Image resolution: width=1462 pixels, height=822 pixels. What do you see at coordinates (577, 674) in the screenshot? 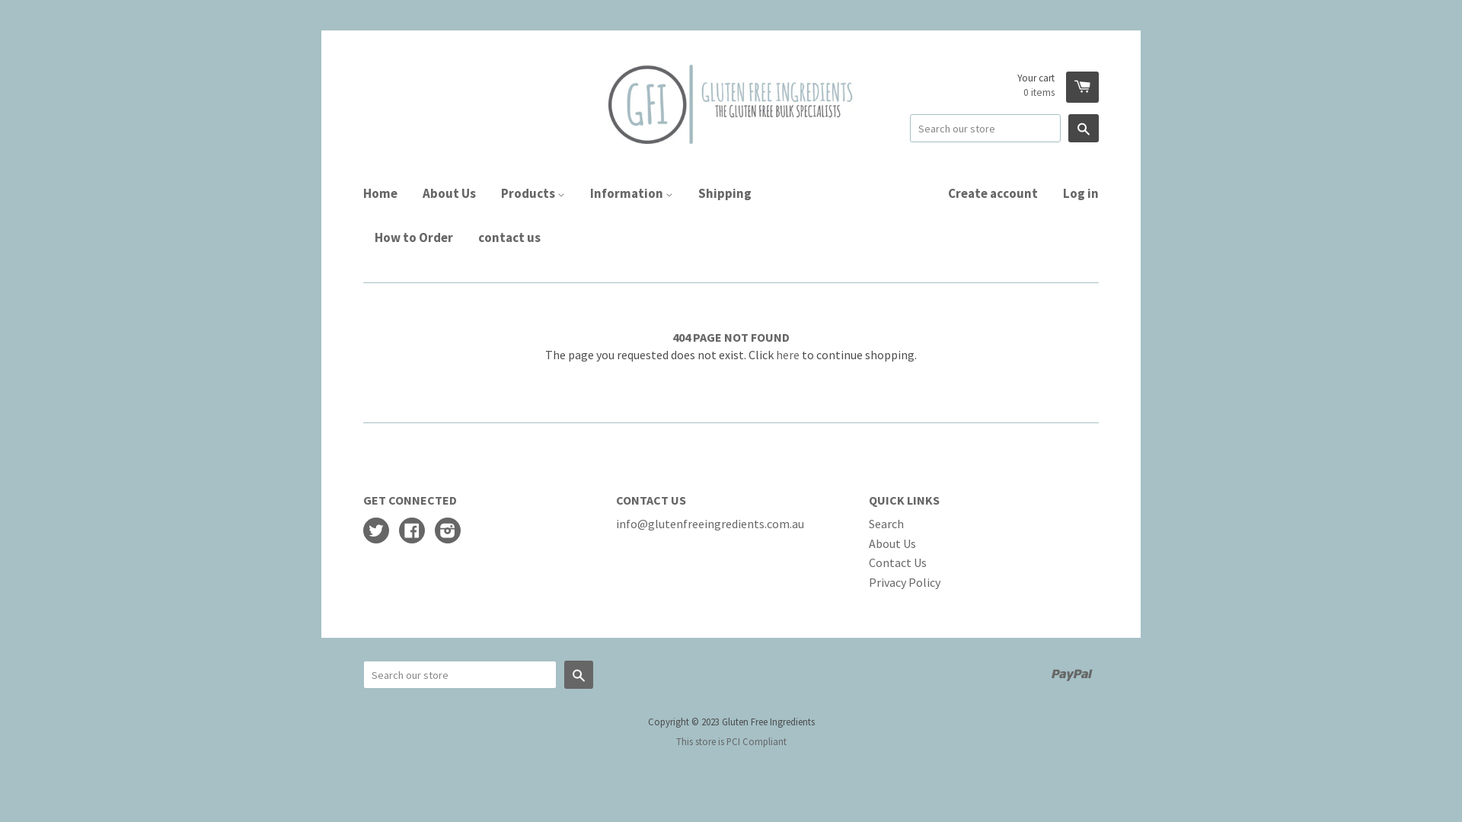
I see `'Search'` at bounding box center [577, 674].